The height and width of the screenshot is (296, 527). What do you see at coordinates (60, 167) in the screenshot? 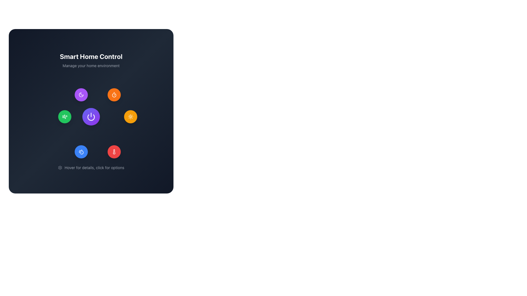
I see `the gear-shaped settings icon located at the bottom center of the interface` at bounding box center [60, 167].